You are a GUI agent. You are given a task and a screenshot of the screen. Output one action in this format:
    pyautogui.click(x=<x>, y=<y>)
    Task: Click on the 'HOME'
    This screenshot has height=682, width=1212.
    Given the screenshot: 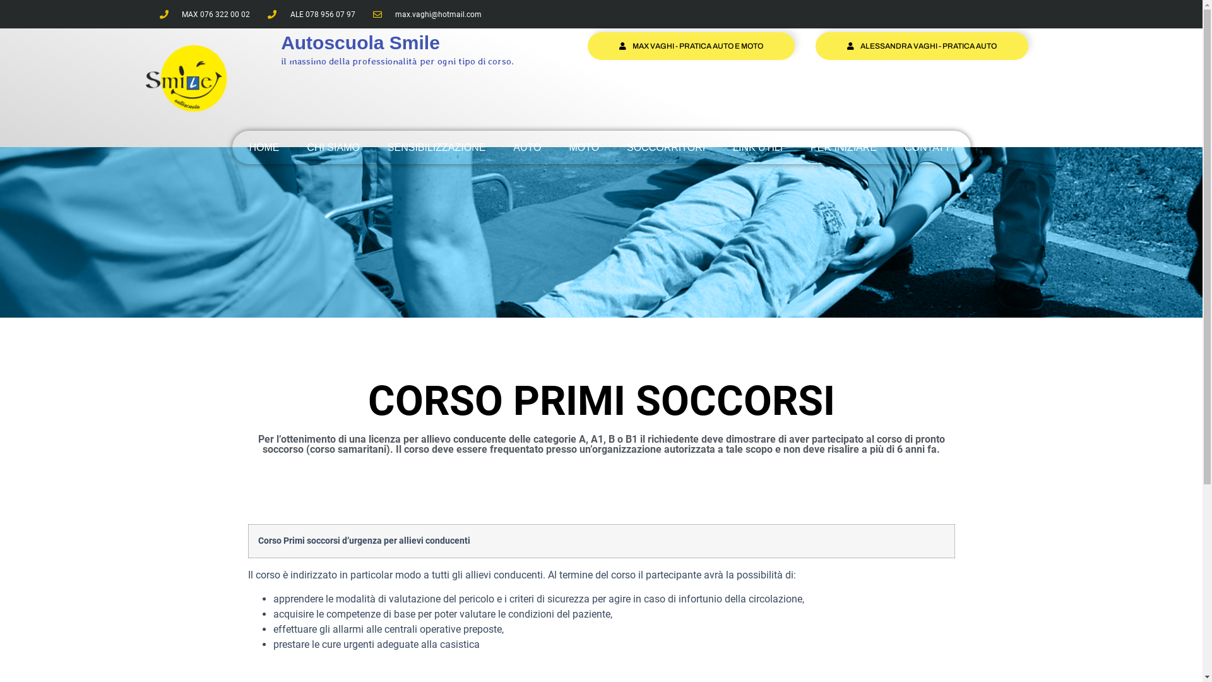 What is the action you would take?
    pyautogui.click(x=263, y=147)
    